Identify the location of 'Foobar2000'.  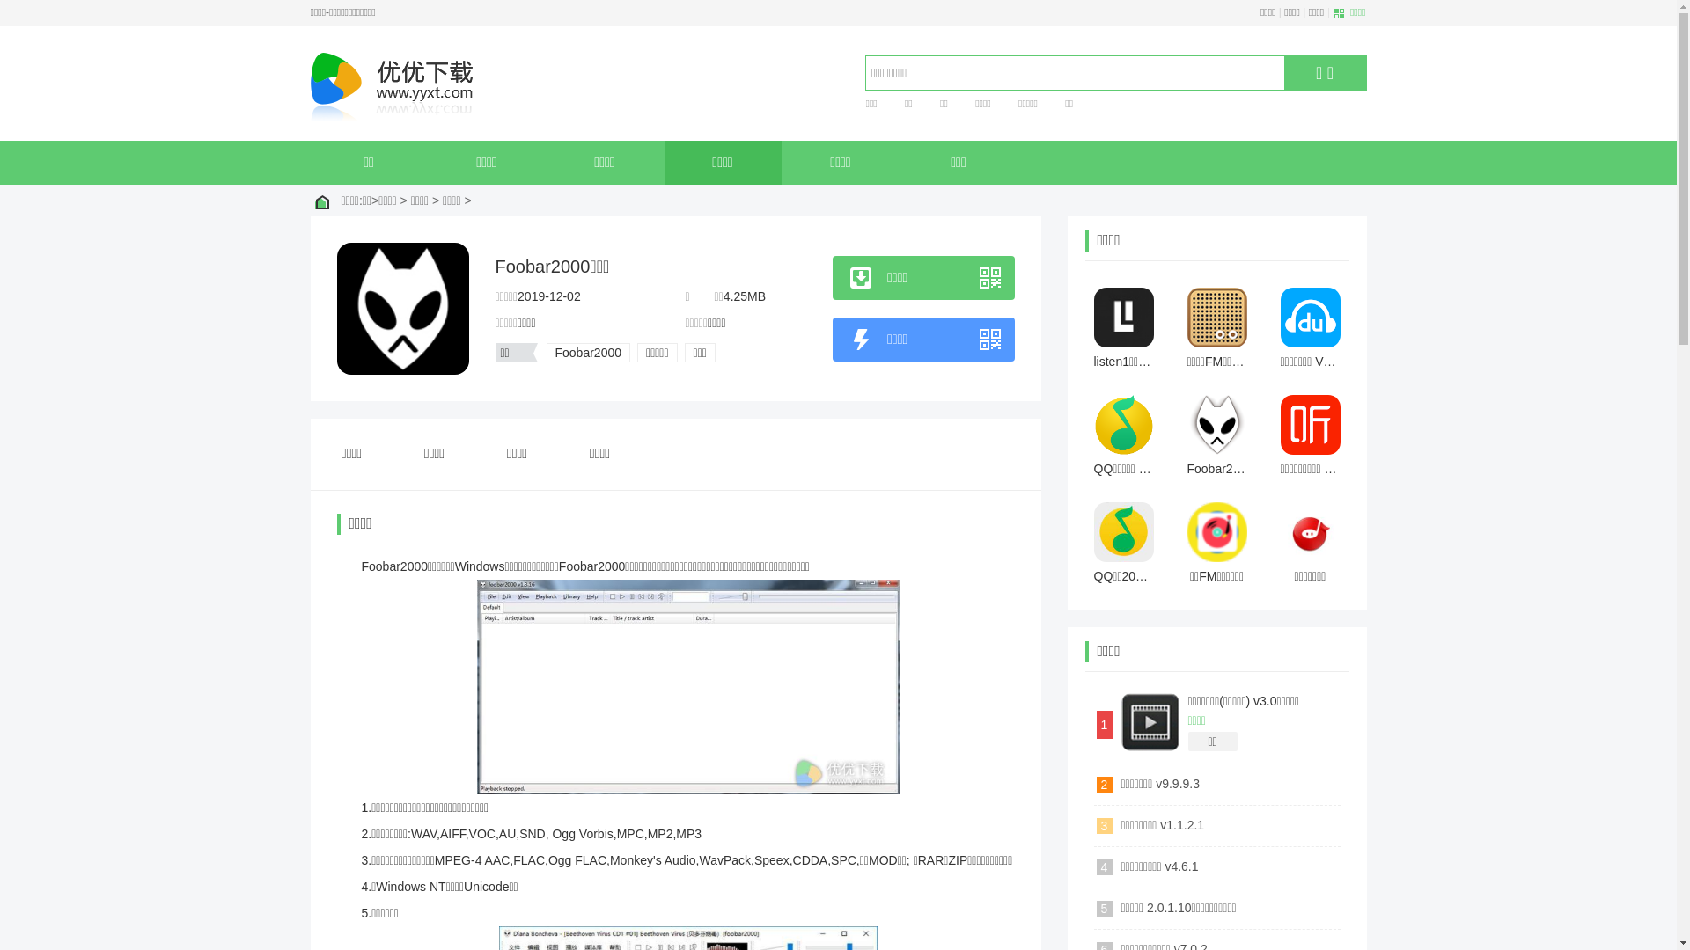
(587, 353).